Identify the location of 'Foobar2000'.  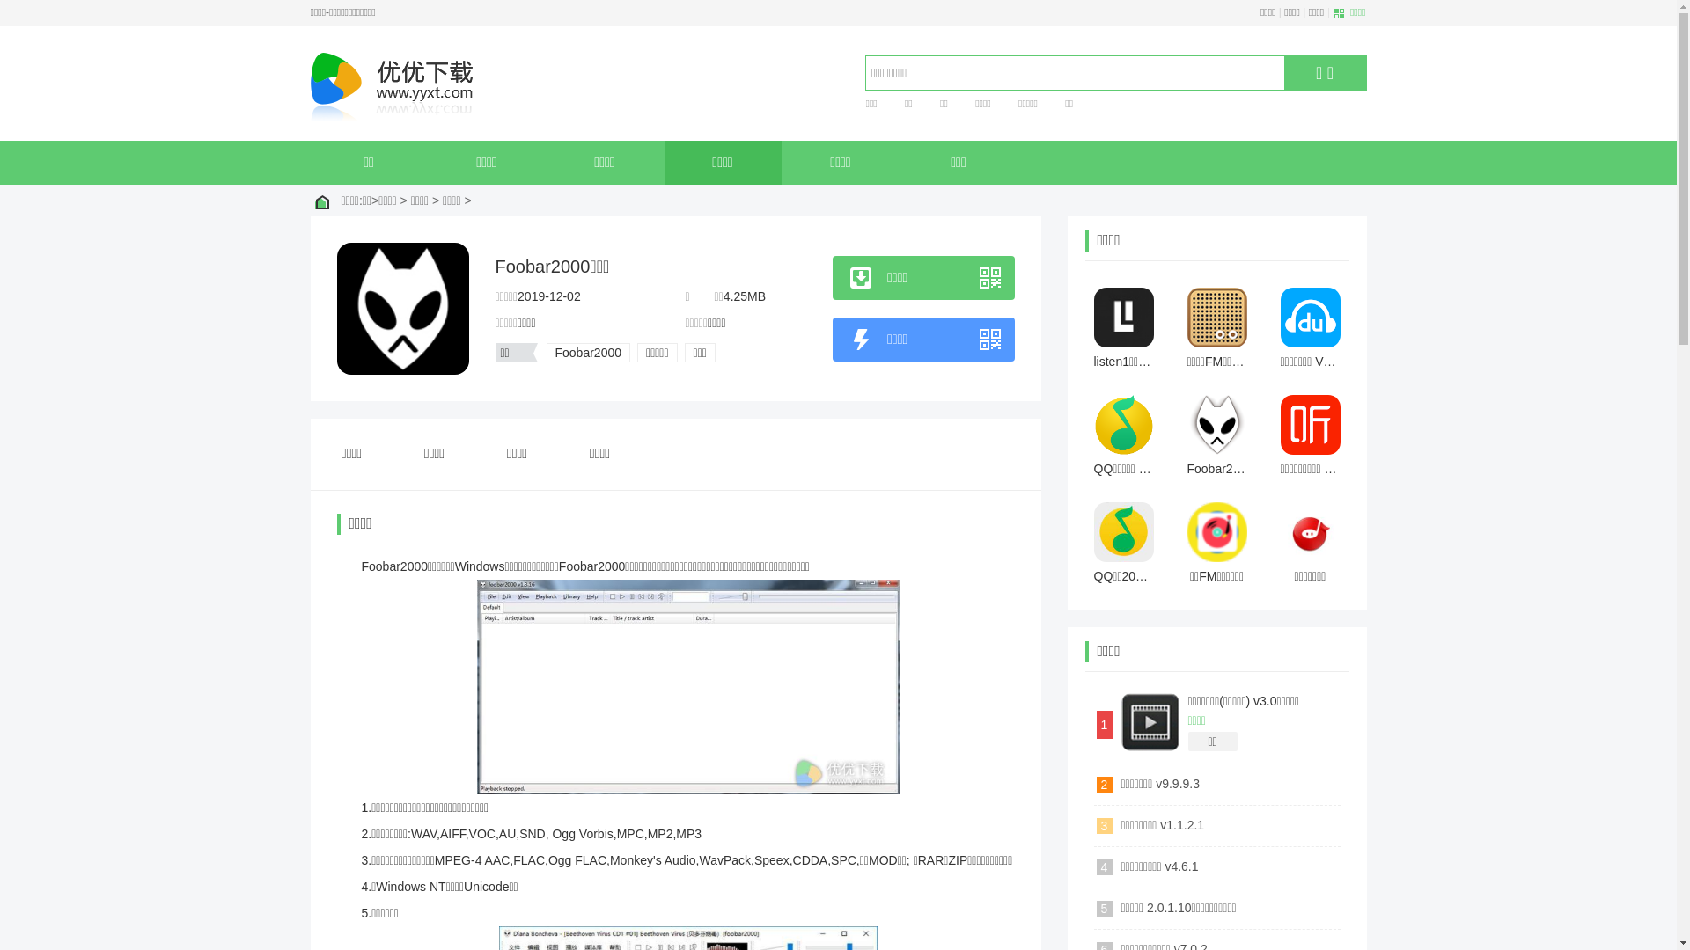
(587, 353).